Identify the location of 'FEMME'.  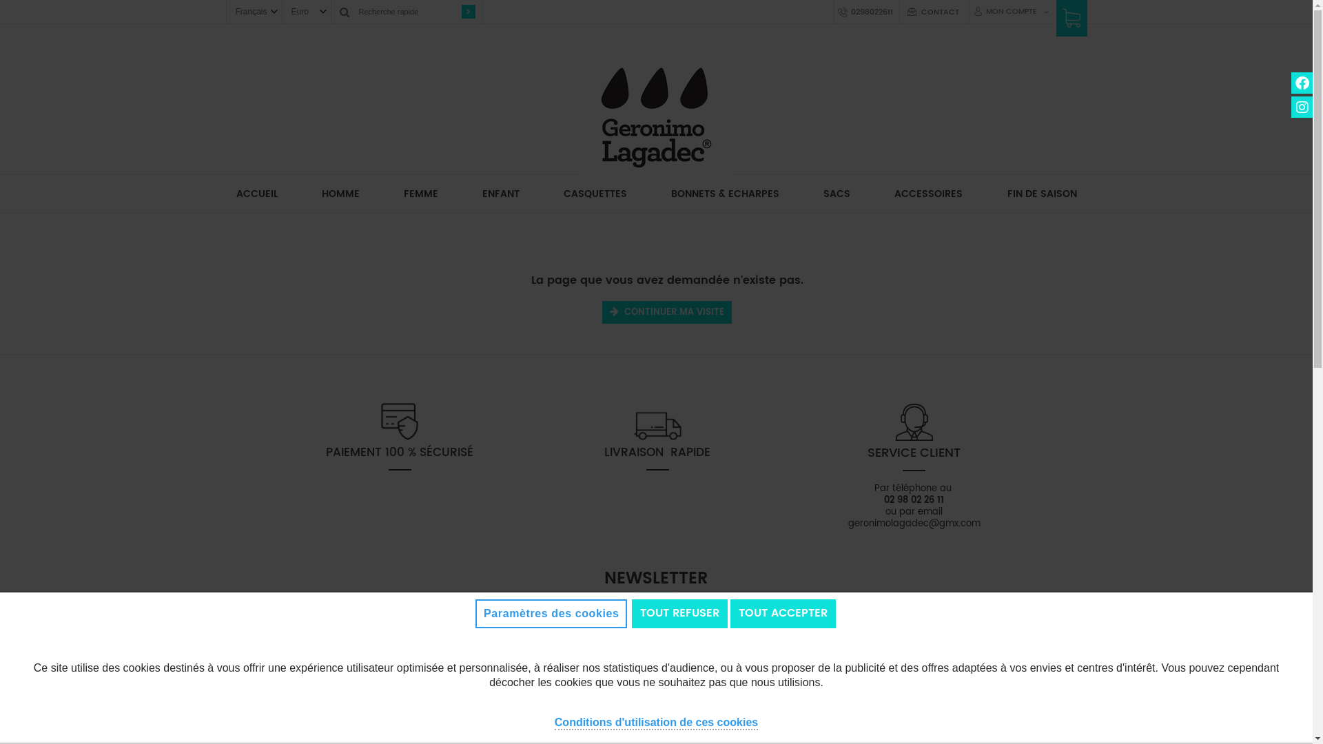
(420, 194).